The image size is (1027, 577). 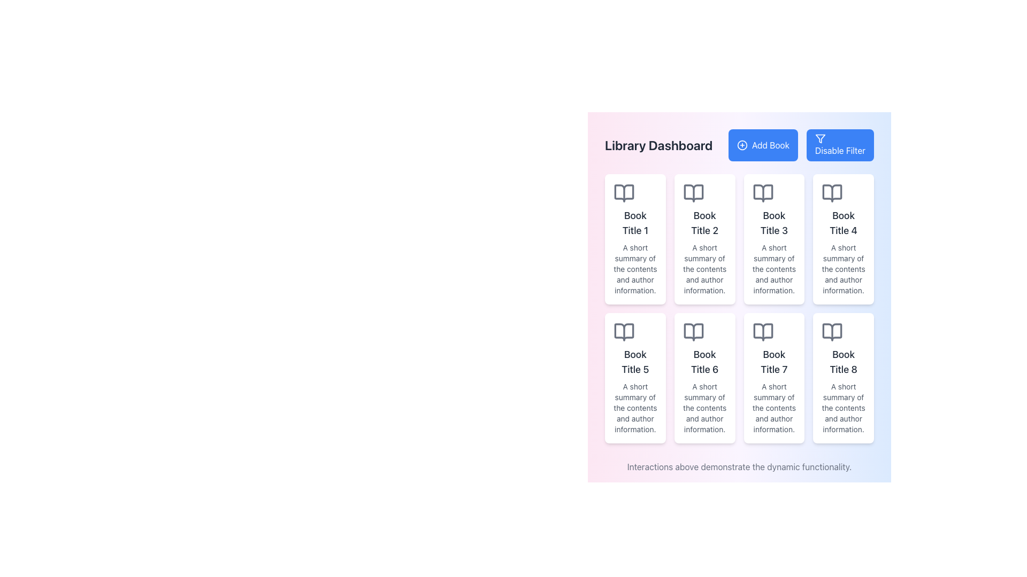 What do you see at coordinates (832, 331) in the screenshot?
I see `the decorative book icon representing 'Book Title 8', which is located at the top of the card` at bounding box center [832, 331].